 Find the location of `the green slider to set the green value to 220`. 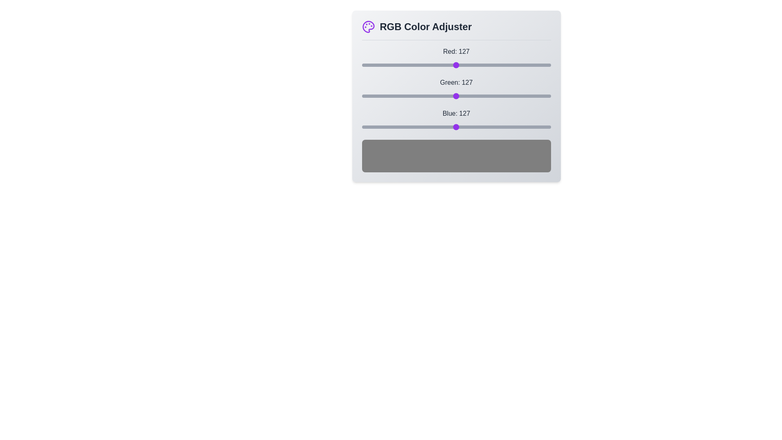

the green slider to set the green value to 220 is located at coordinates (525, 95).